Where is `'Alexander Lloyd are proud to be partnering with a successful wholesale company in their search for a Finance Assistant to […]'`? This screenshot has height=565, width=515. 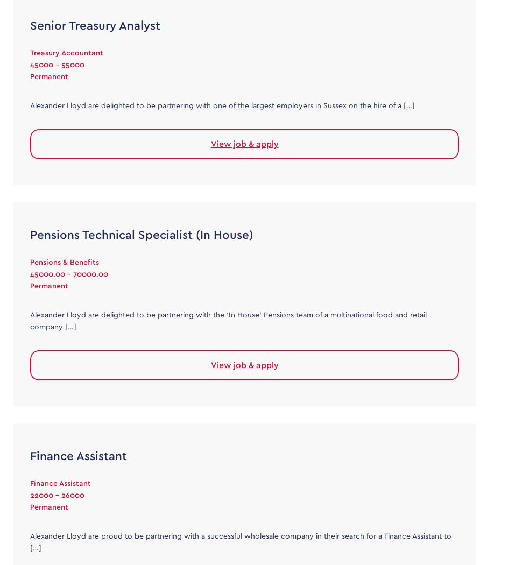
'Alexander Lloyd are proud to be partnering with a successful wholesale company in their search for a Finance Assistant to […]' is located at coordinates (240, 541).